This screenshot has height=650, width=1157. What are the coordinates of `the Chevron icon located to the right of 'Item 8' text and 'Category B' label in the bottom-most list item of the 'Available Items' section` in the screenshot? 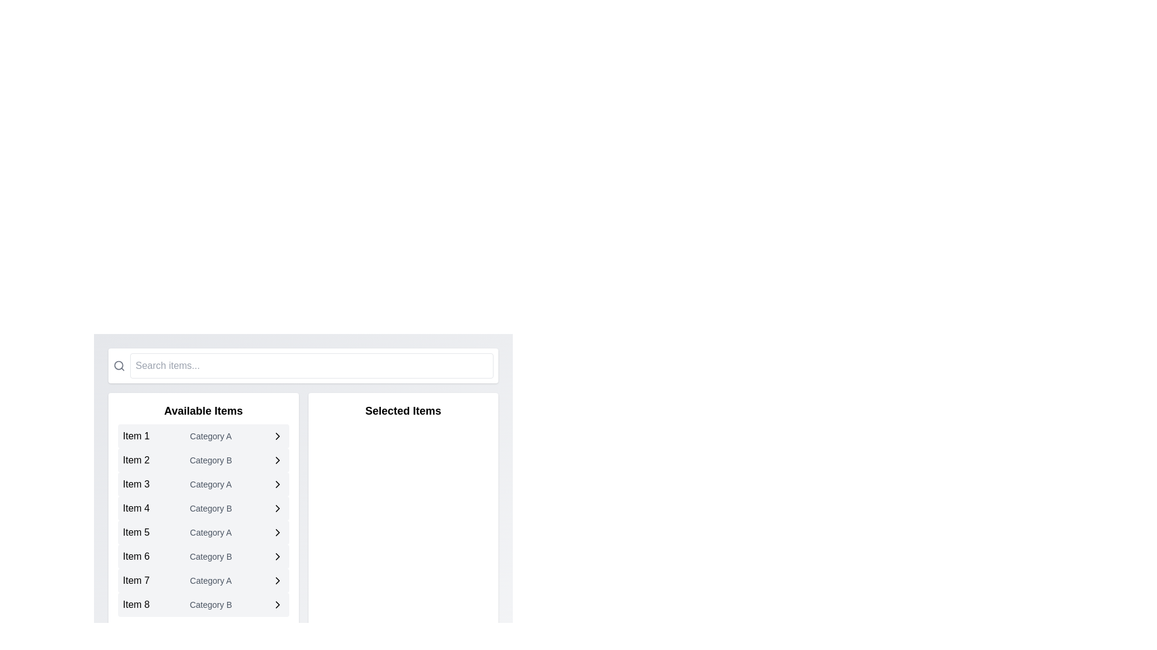 It's located at (277, 605).